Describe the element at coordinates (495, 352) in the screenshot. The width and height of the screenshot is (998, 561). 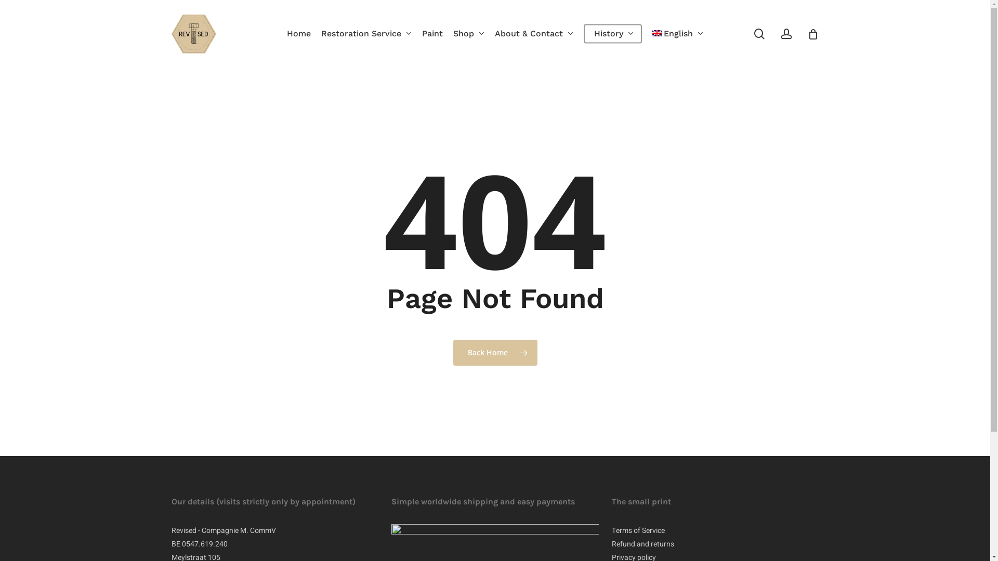
I see `'Back Home'` at that location.